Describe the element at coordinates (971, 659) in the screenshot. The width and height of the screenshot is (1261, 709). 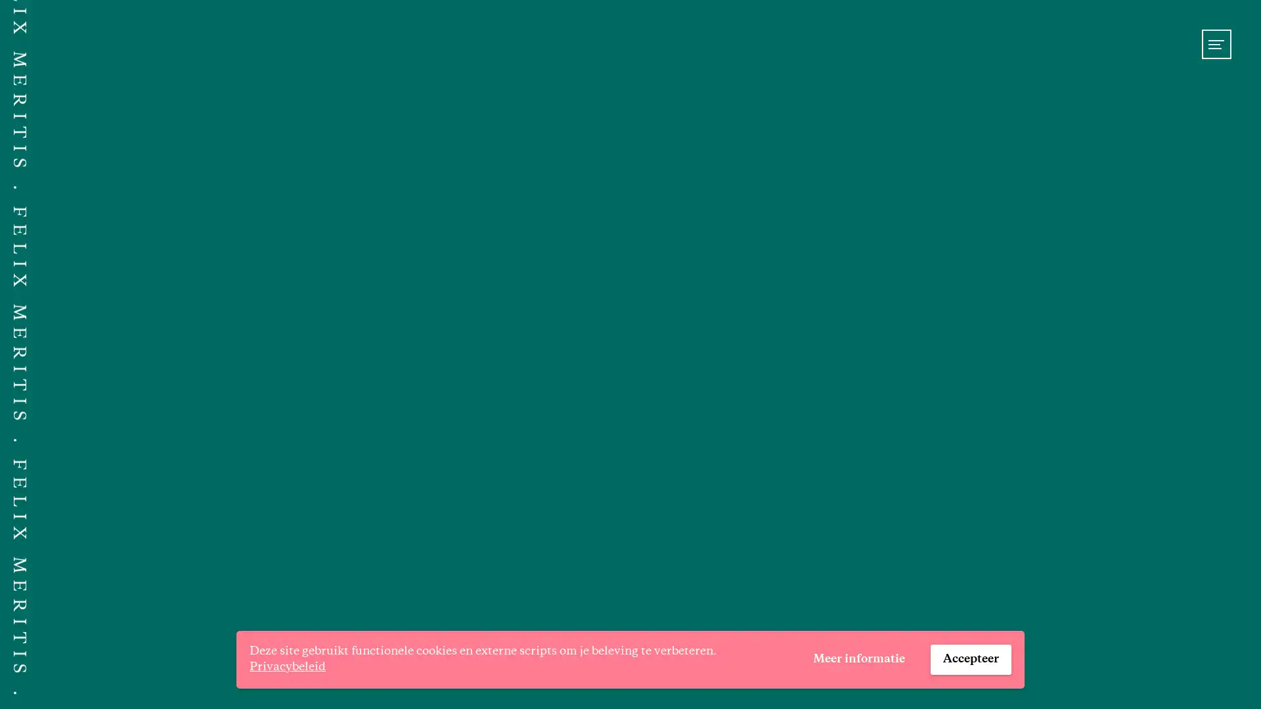
I see `Accepteer` at that location.